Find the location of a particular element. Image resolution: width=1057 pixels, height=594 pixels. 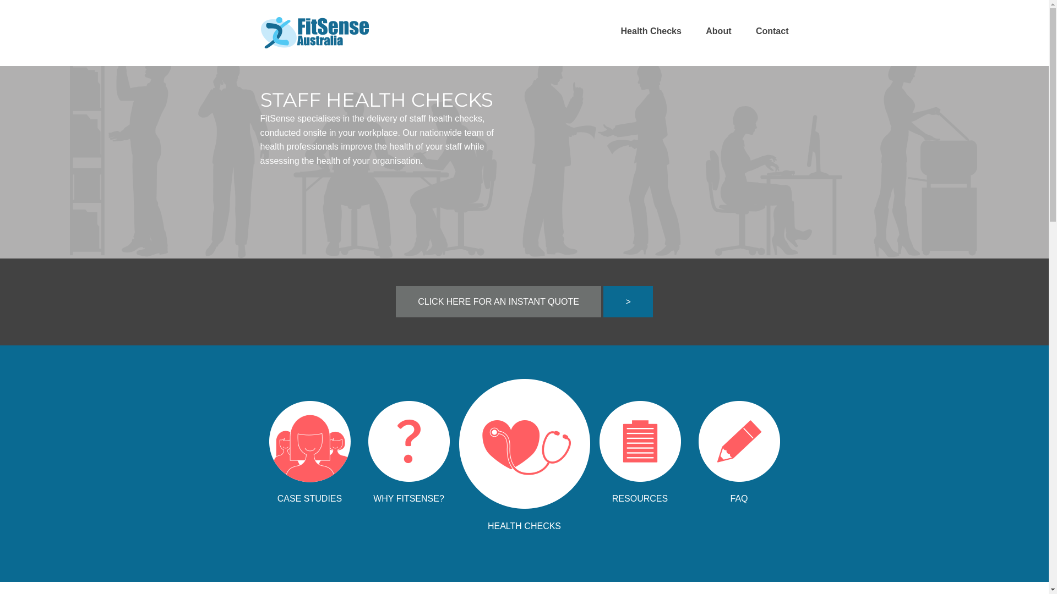

'WHY FITSENSE?' is located at coordinates (408, 446).